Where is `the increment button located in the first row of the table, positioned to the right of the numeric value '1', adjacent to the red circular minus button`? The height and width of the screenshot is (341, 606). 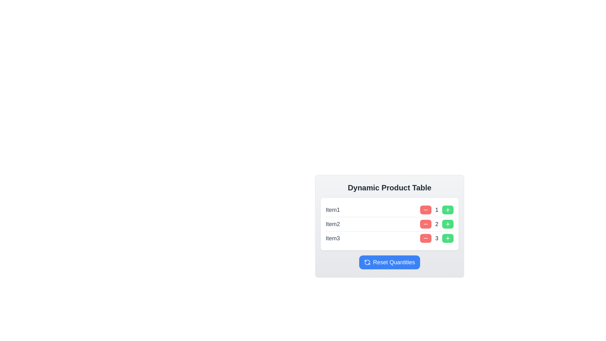
the increment button located in the first row of the table, positioned to the right of the numeric value '1', adjacent to the red circular minus button is located at coordinates (448, 210).